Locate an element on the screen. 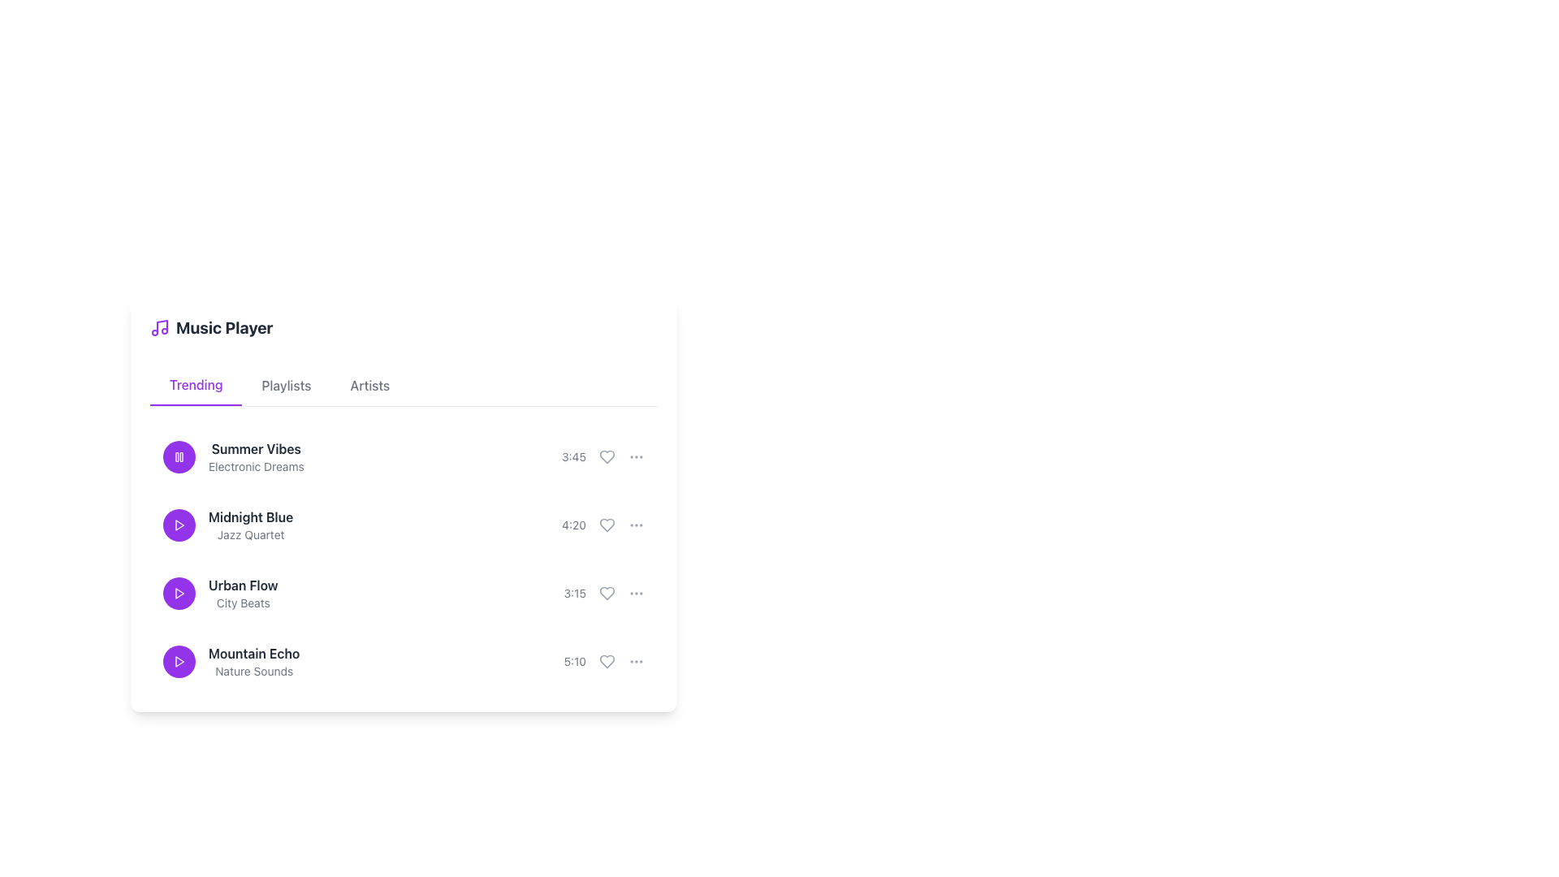 Image resolution: width=1559 pixels, height=877 pixels. the 'Artists' tab in the navigation bar to trigger the color change effect is located at coordinates (369, 385).